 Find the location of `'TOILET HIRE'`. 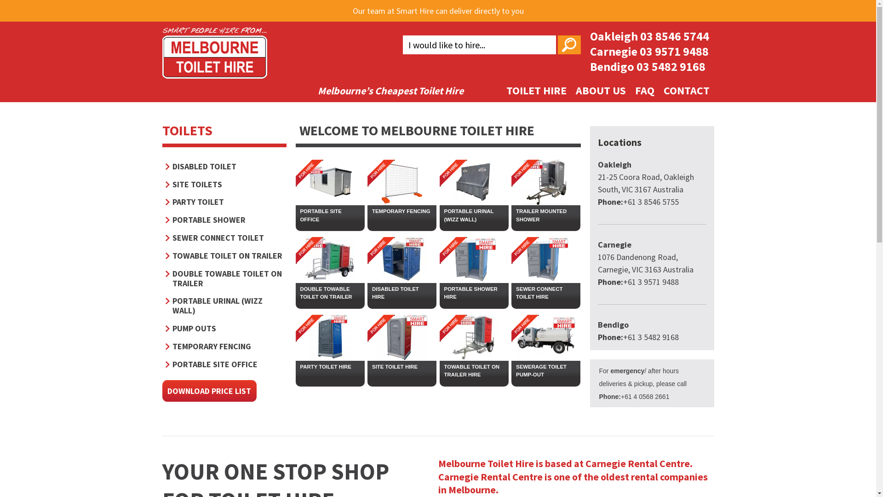

'TOILET HIRE' is located at coordinates (536, 90).